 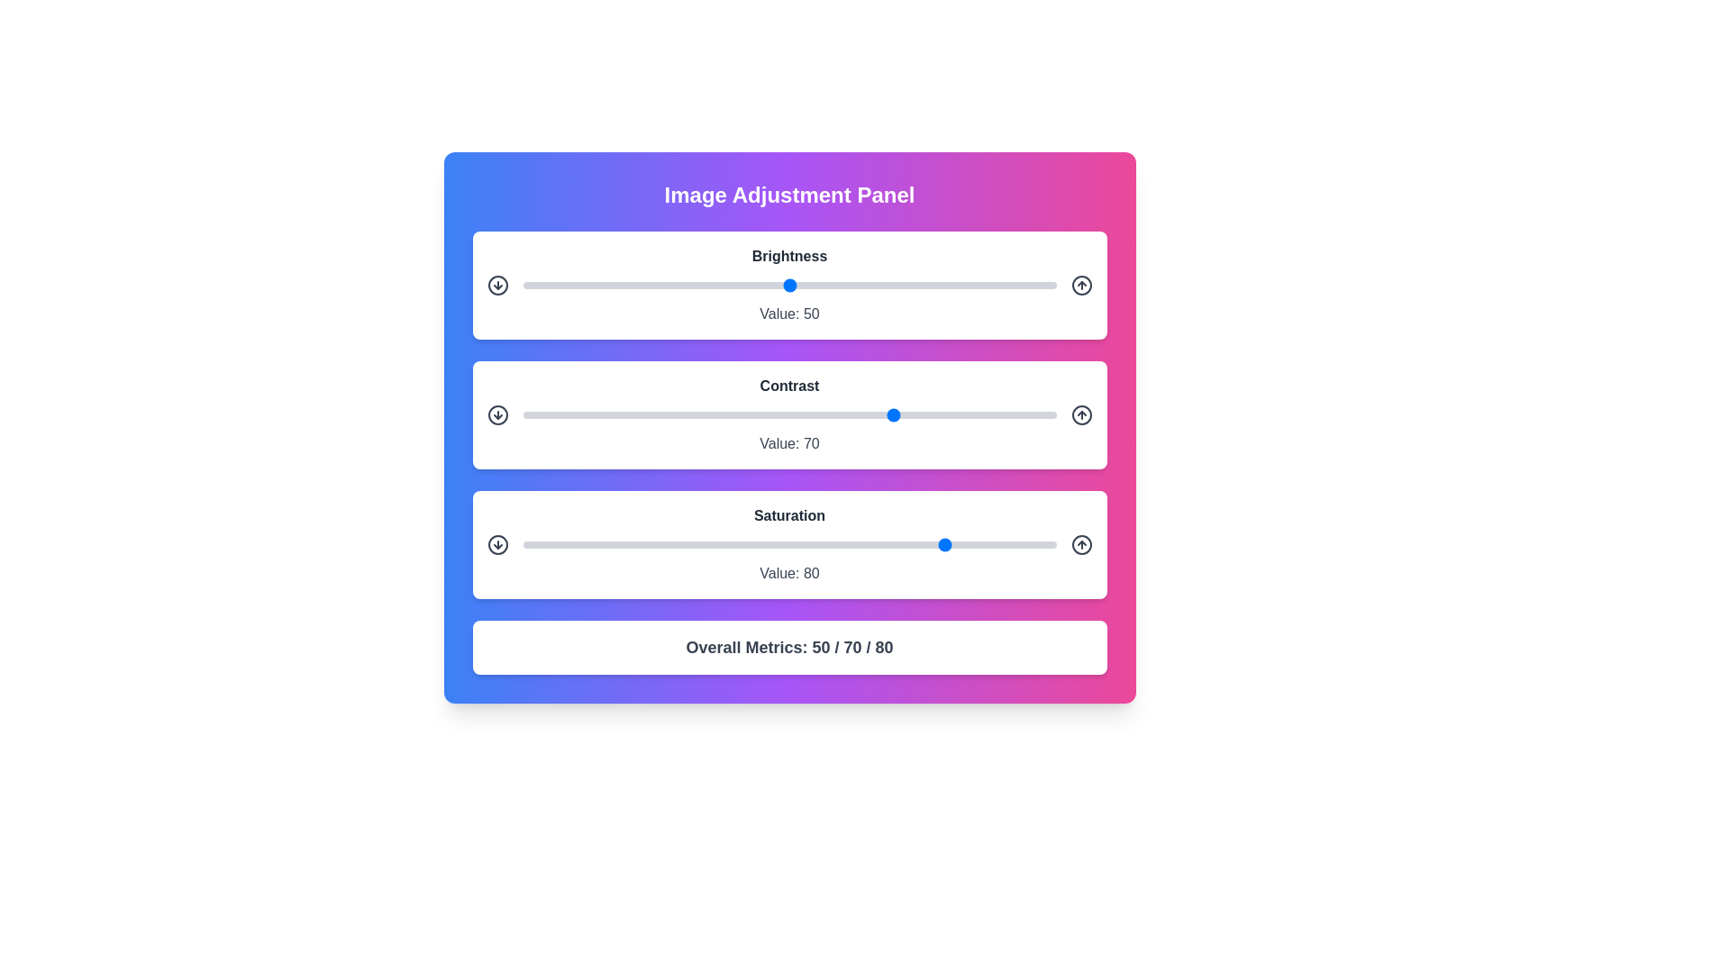 I want to click on contrast, so click(x=831, y=415).